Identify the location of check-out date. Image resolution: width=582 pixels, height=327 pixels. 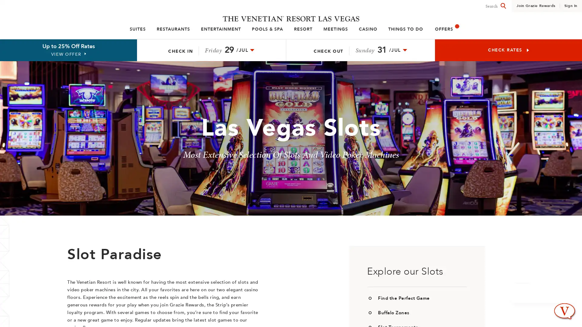
(404, 50).